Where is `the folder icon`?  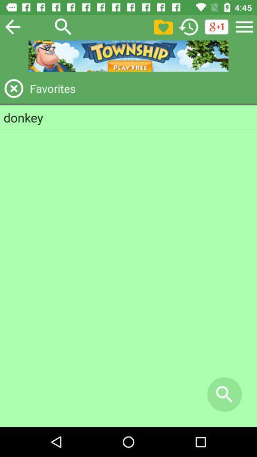 the folder icon is located at coordinates (163, 26).